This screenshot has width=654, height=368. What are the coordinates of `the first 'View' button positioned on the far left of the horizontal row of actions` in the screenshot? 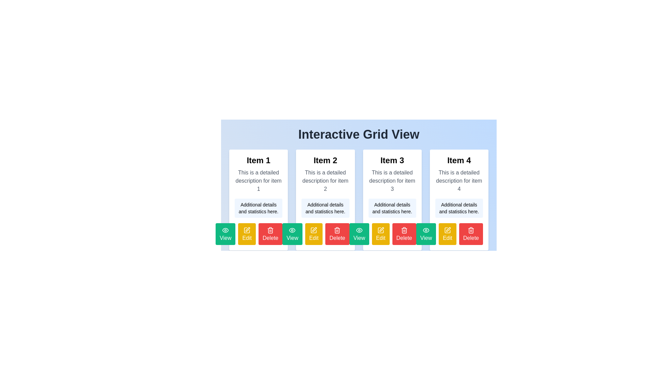 It's located at (225, 343).